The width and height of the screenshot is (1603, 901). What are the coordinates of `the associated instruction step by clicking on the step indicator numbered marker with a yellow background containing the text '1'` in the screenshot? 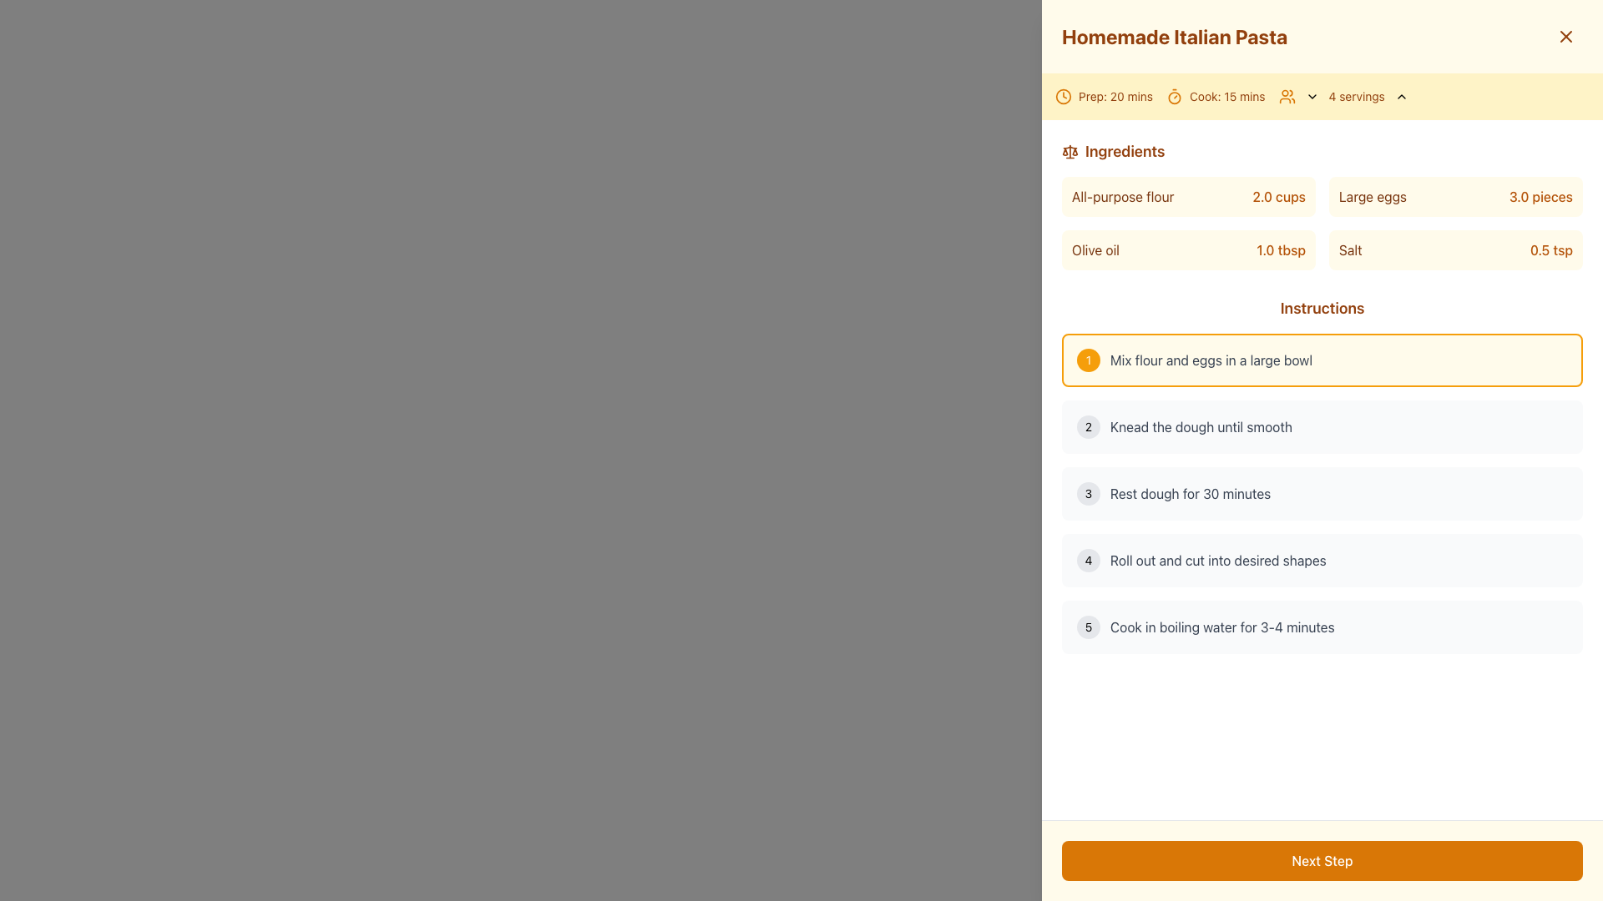 It's located at (1089, 360).